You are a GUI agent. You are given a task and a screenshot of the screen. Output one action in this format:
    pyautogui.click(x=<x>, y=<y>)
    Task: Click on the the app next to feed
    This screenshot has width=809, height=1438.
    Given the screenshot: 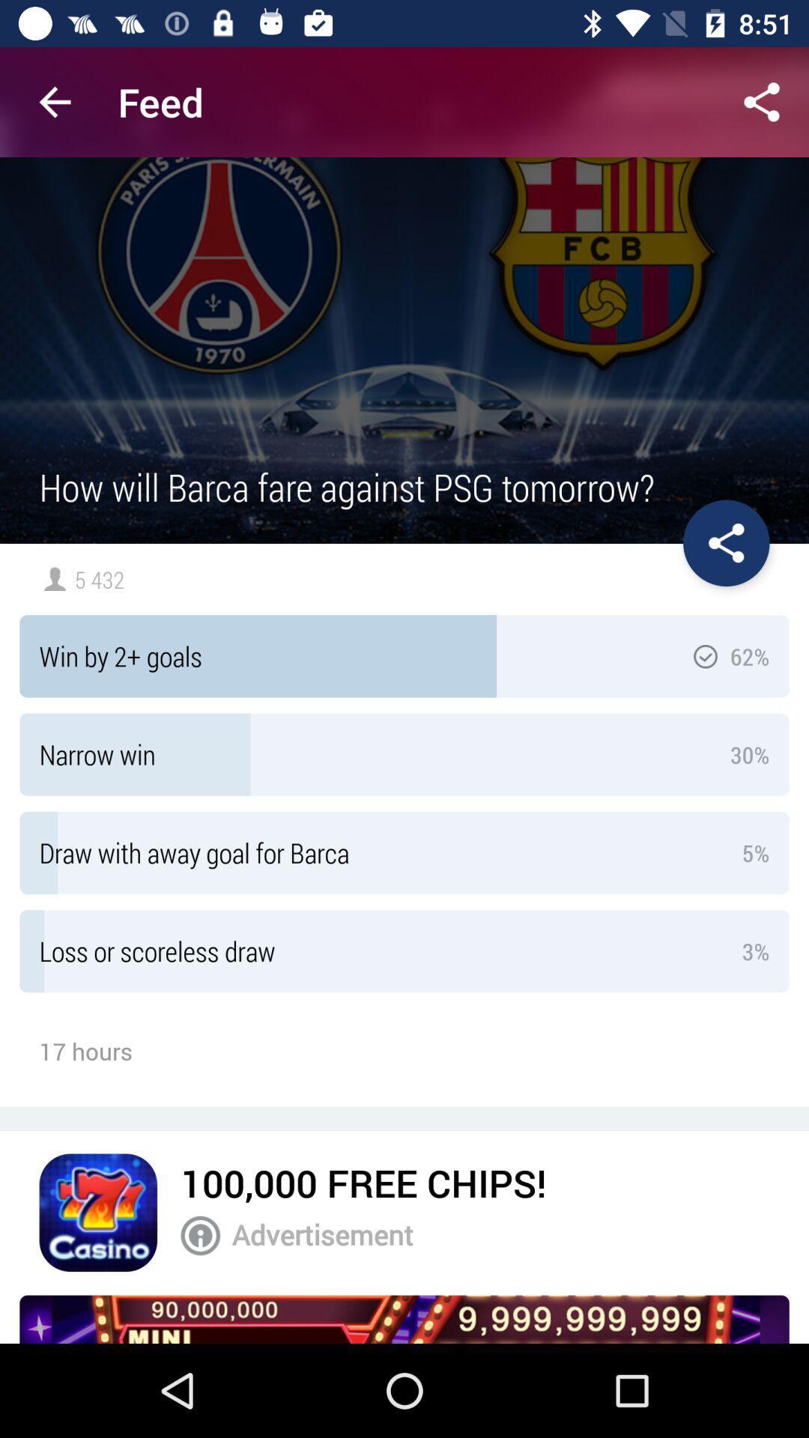 What is the action you would take?
    pyautogui.click(x=54, y=101)
    